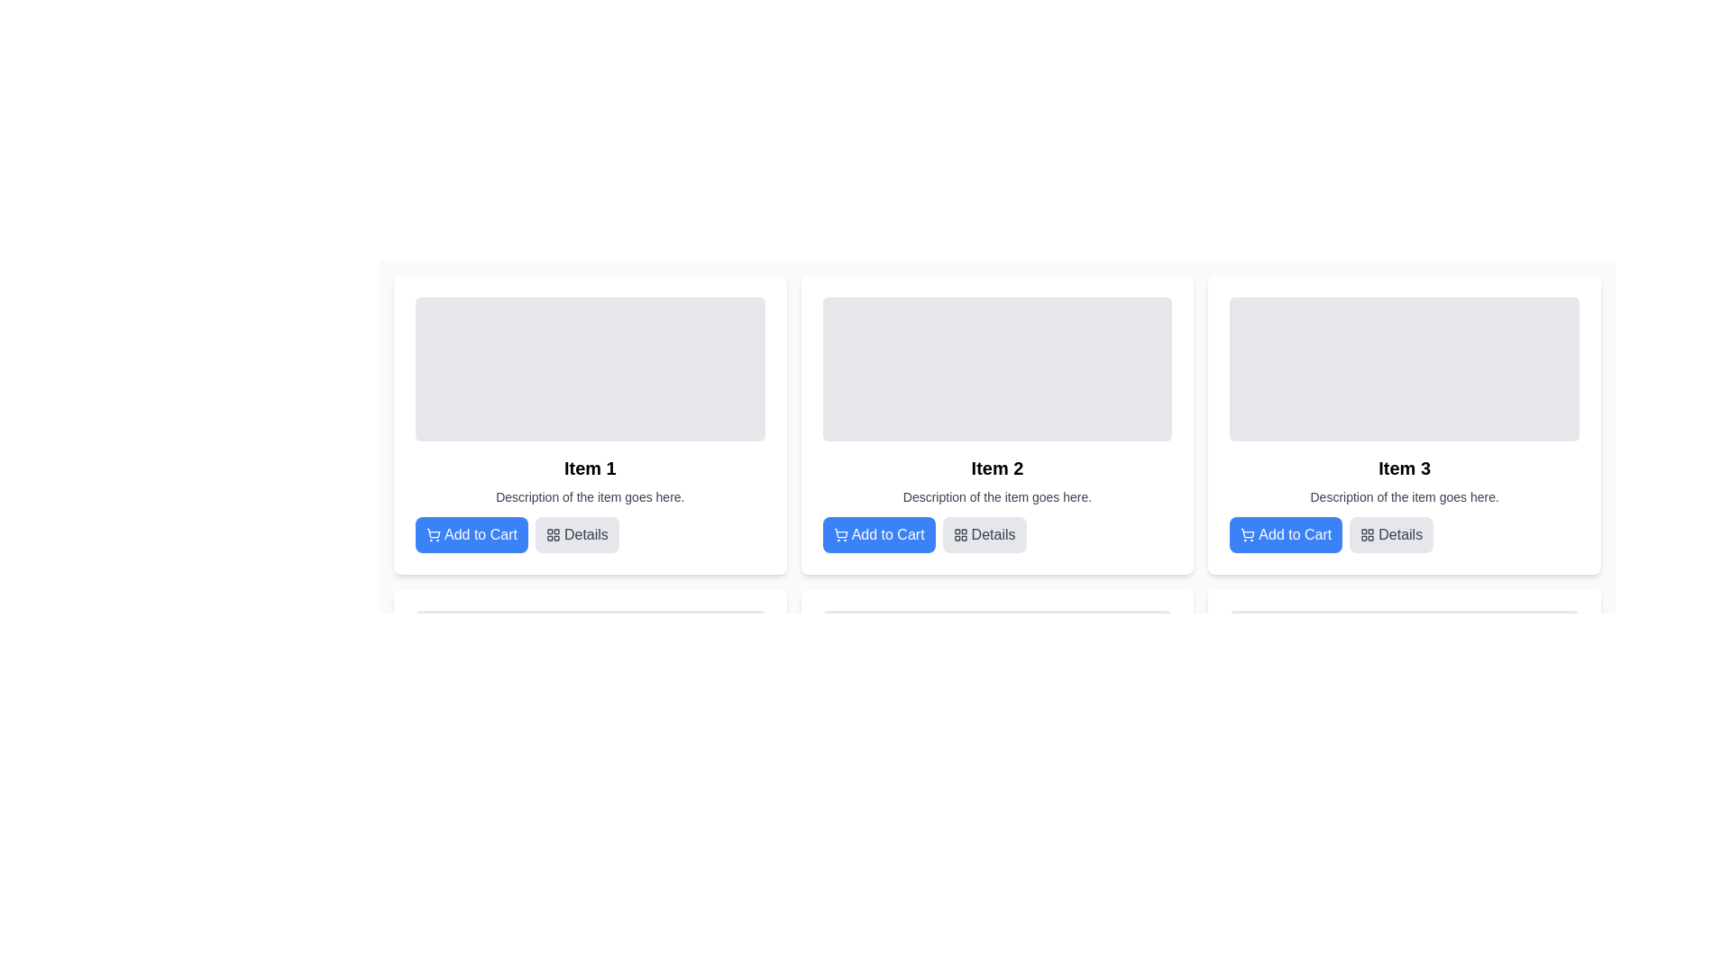 The height and width of the screenshot is (973, 1731). What do you see at coordinates (577, 534) in the screenshot?
I see `the 'Details' button, which has a gray background and is located to the right of the 'Add to Cart' button for 'Item 1'` at bounding box center [577, 534].